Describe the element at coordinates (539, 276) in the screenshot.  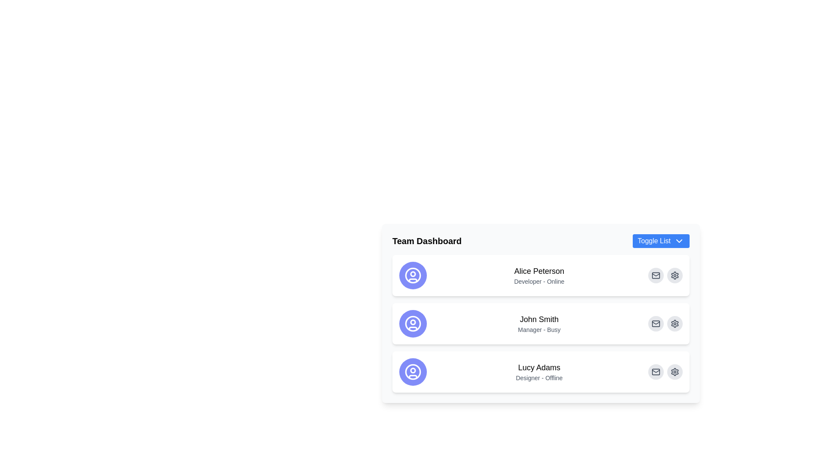
I see `the Text Display element that shows the name 'Alice Peterson' in bold and a subtitle 'Developer - Online' in gray, located in the user profile card interface` at that location.